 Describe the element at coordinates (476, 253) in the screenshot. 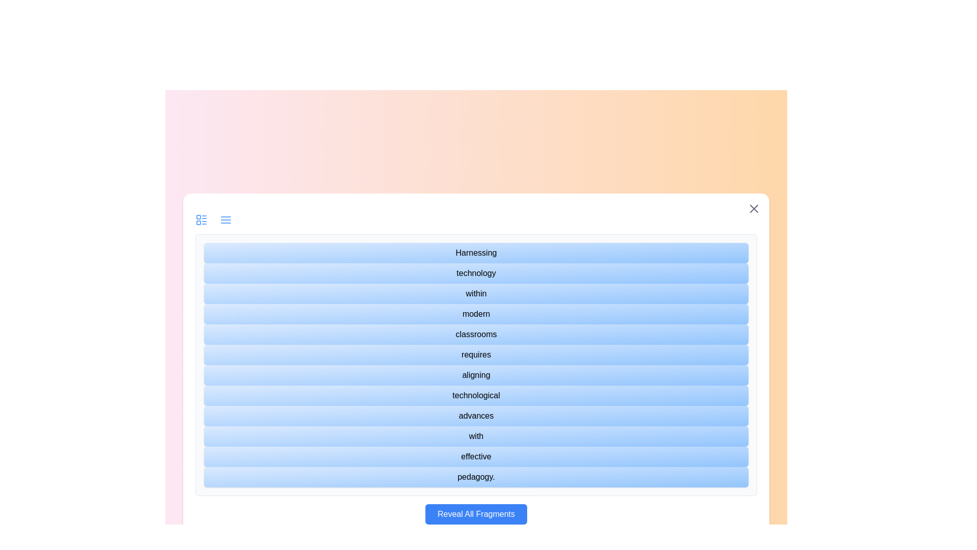

I see `the text fragment labeled 'Harnessing'` at that location.